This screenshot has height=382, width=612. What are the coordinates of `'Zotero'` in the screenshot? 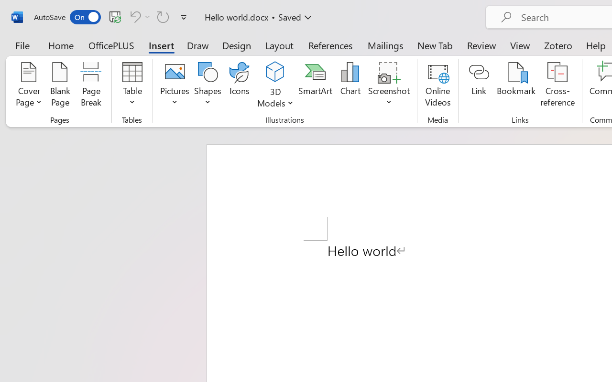 It's located at (558, 45).